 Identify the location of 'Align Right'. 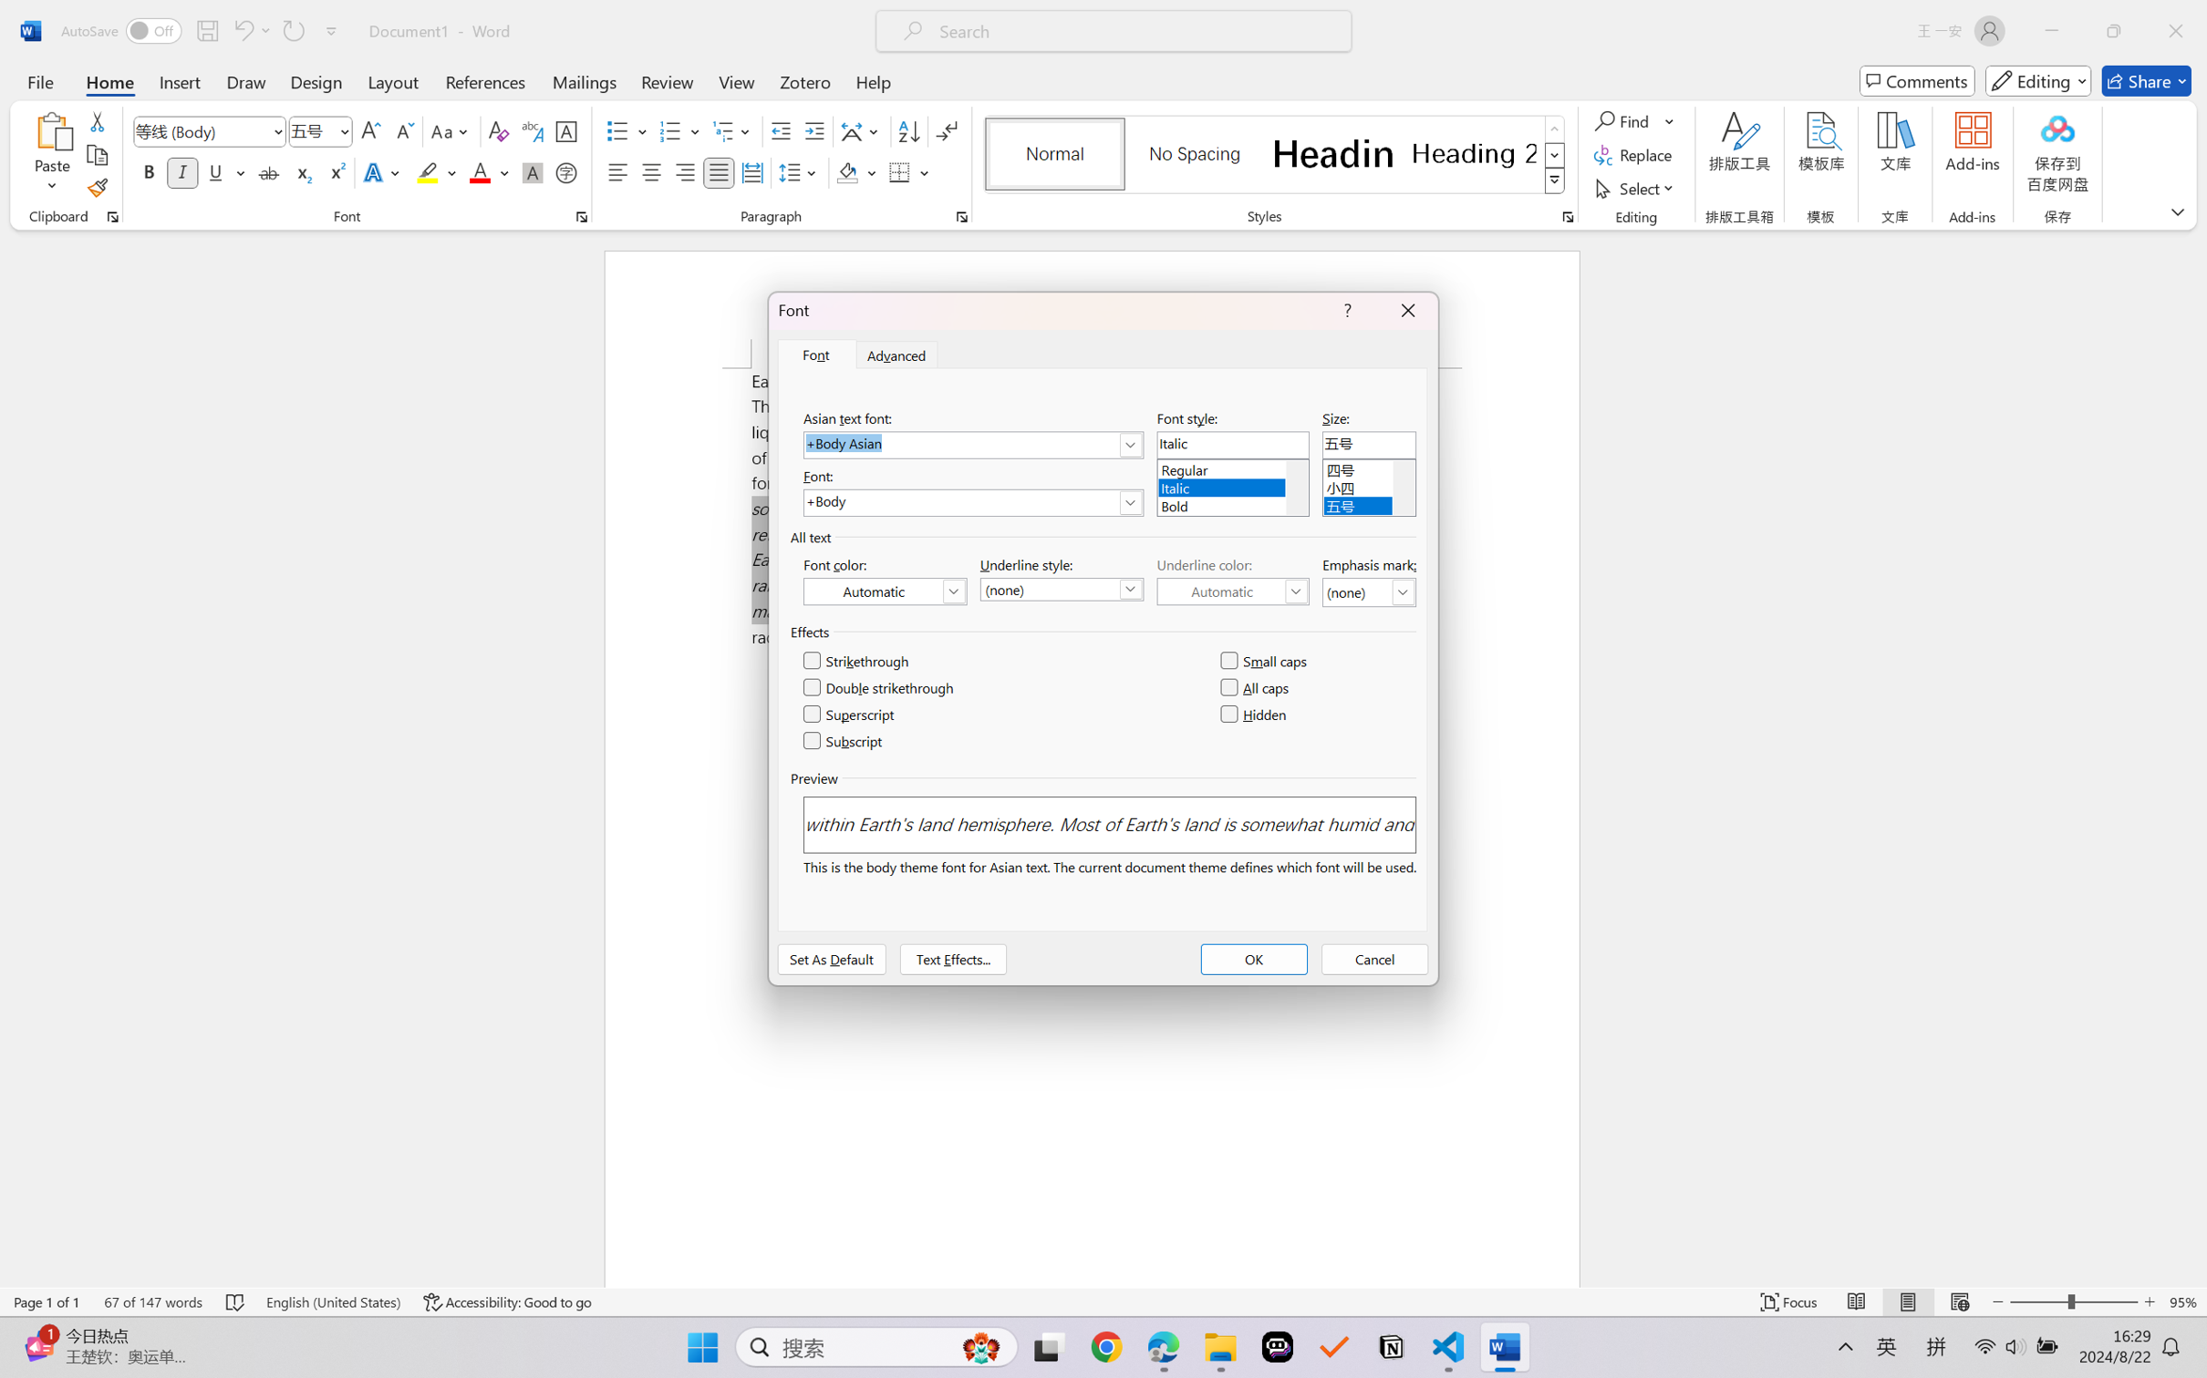
(686, 171).